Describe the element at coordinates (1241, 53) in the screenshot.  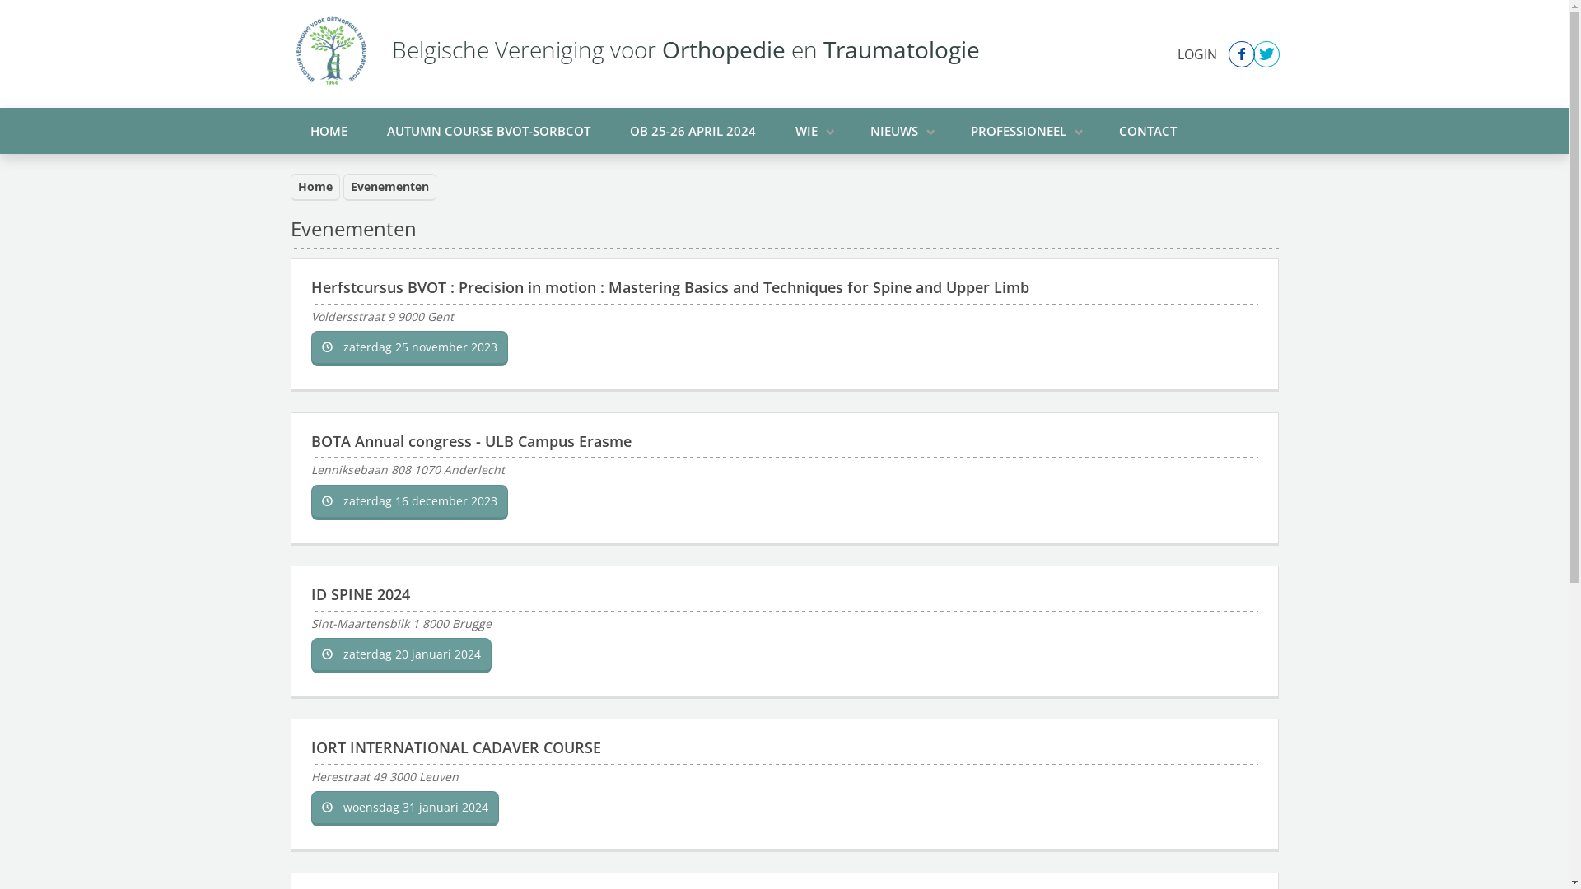
I see `'FACEBOOK'` at that location.